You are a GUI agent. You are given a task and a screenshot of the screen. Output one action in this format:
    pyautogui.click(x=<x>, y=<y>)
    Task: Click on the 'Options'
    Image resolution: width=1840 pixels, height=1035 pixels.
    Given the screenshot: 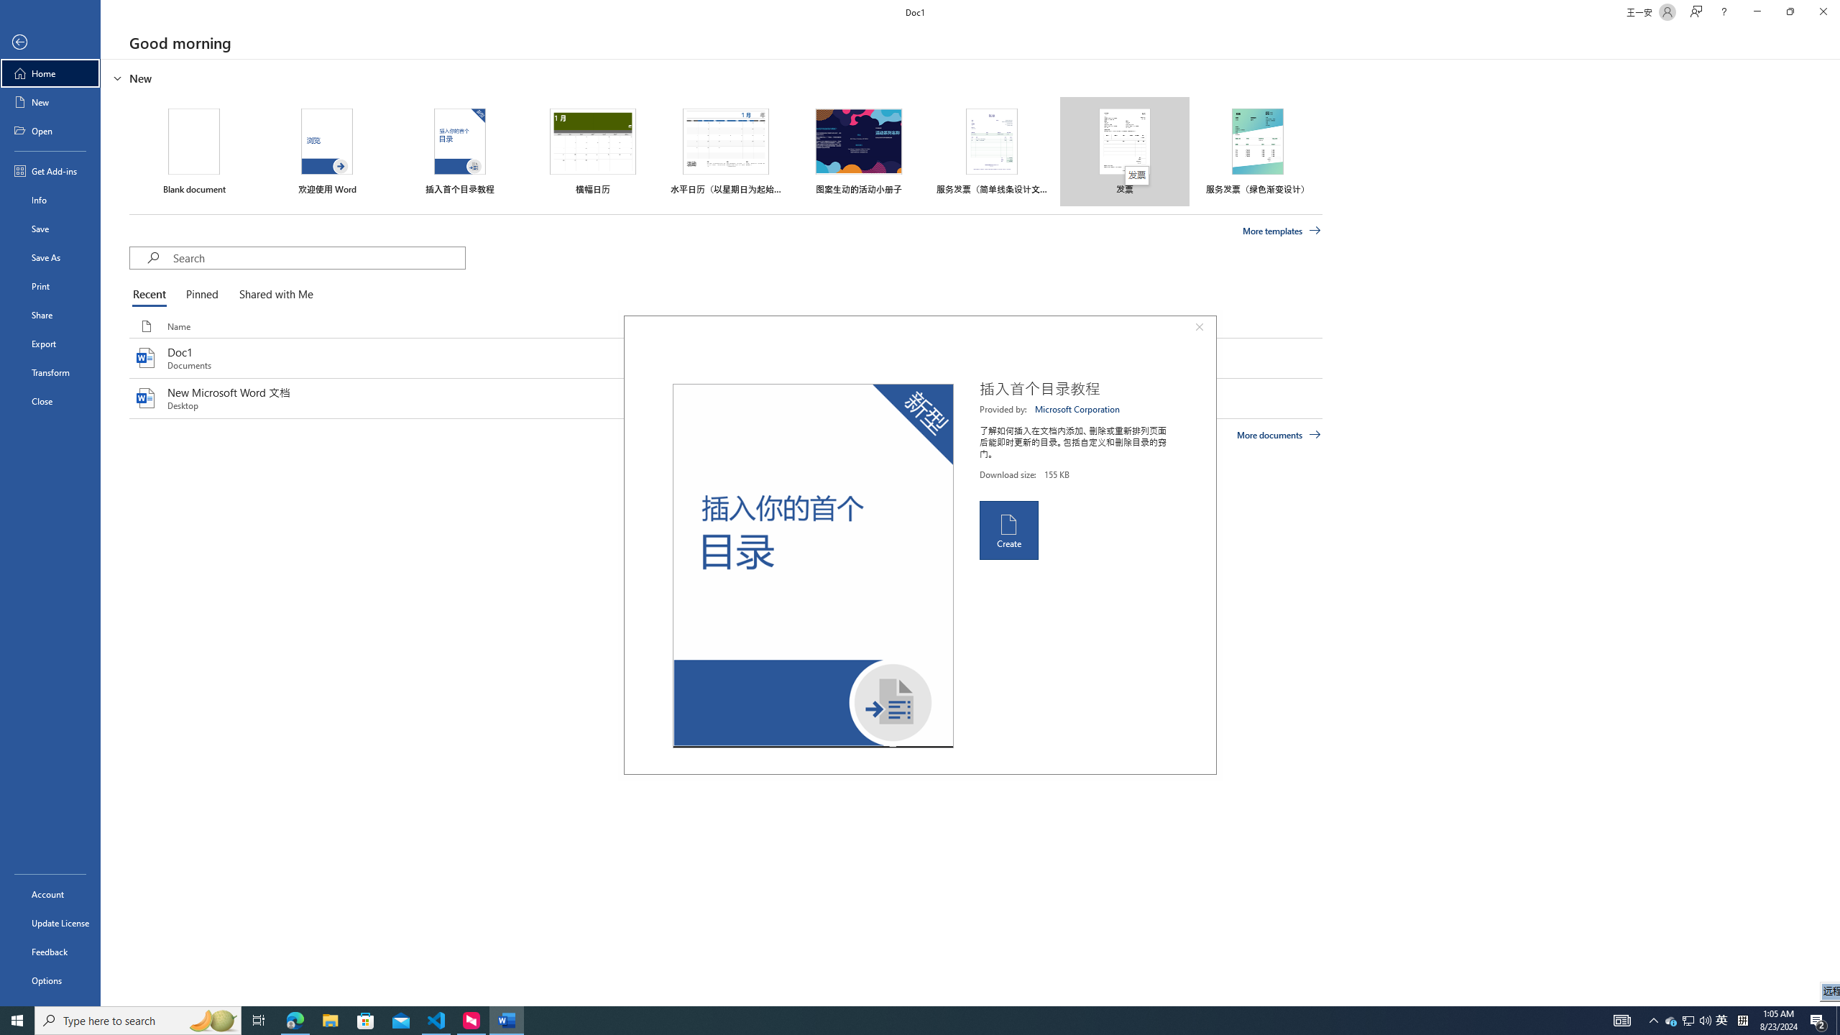 What is the action you would take?
    pyautogui.click(x=50, y=980)
    